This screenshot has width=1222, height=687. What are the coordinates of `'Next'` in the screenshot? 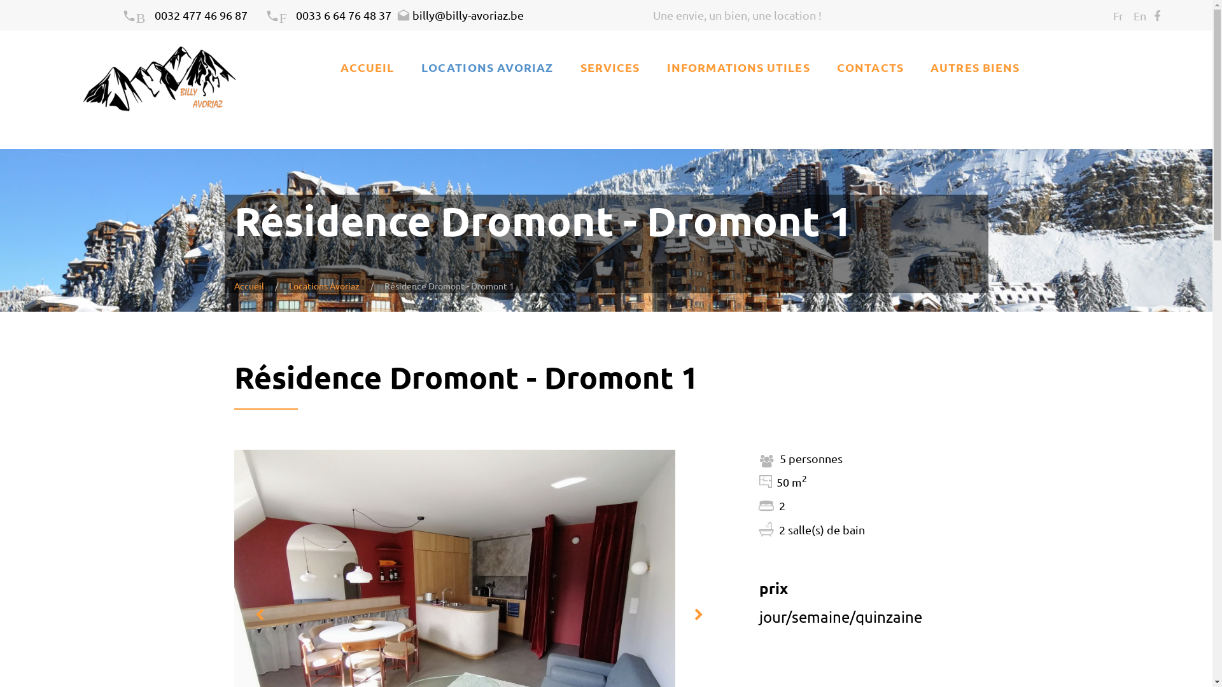 It's located at (698, 614).